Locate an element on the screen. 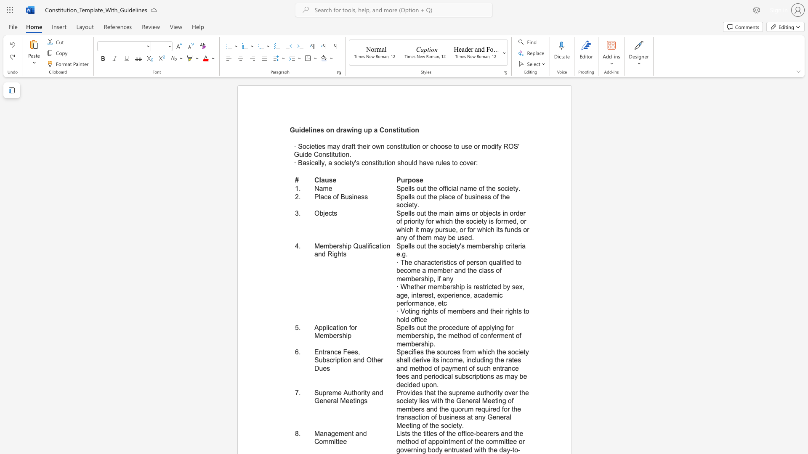 The height and width of the screenshot is (454, 808). the 4th character "t" in the text is located at coordinates (513, 188).